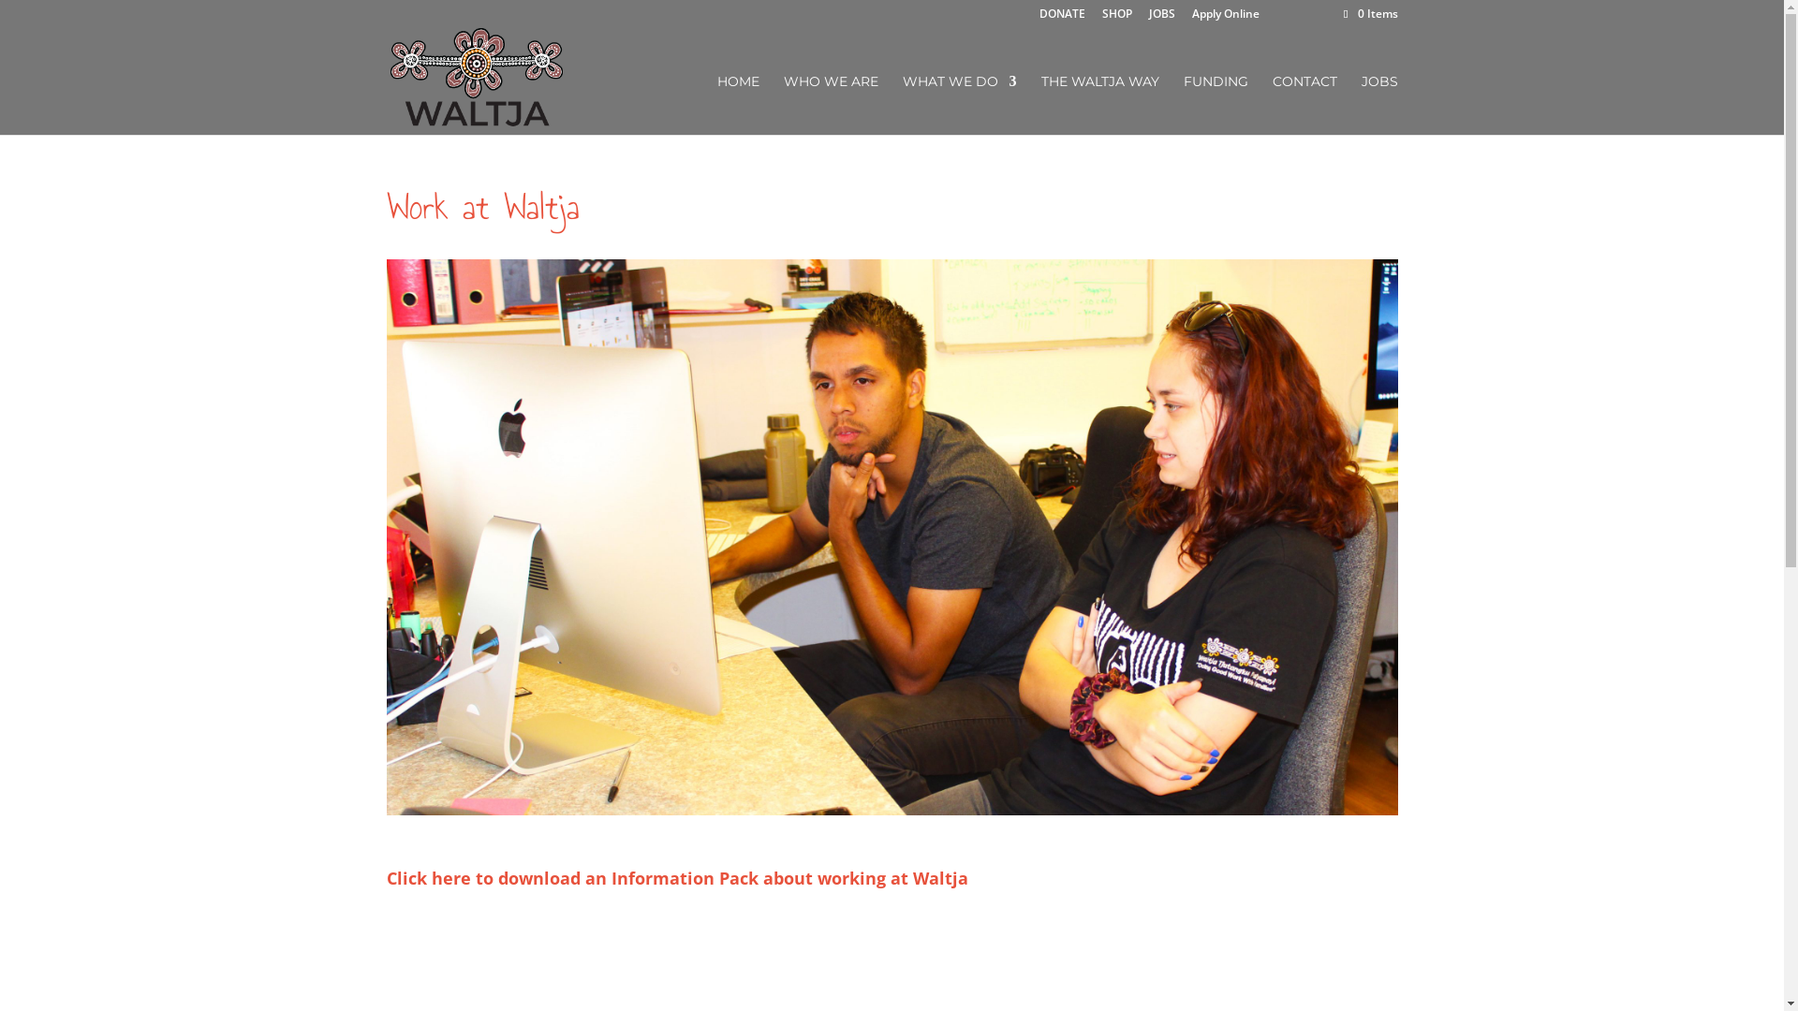  Describe the element at coordinates (829, 104) in the screenshot. I see `'WHO WE ARE'` at that location.